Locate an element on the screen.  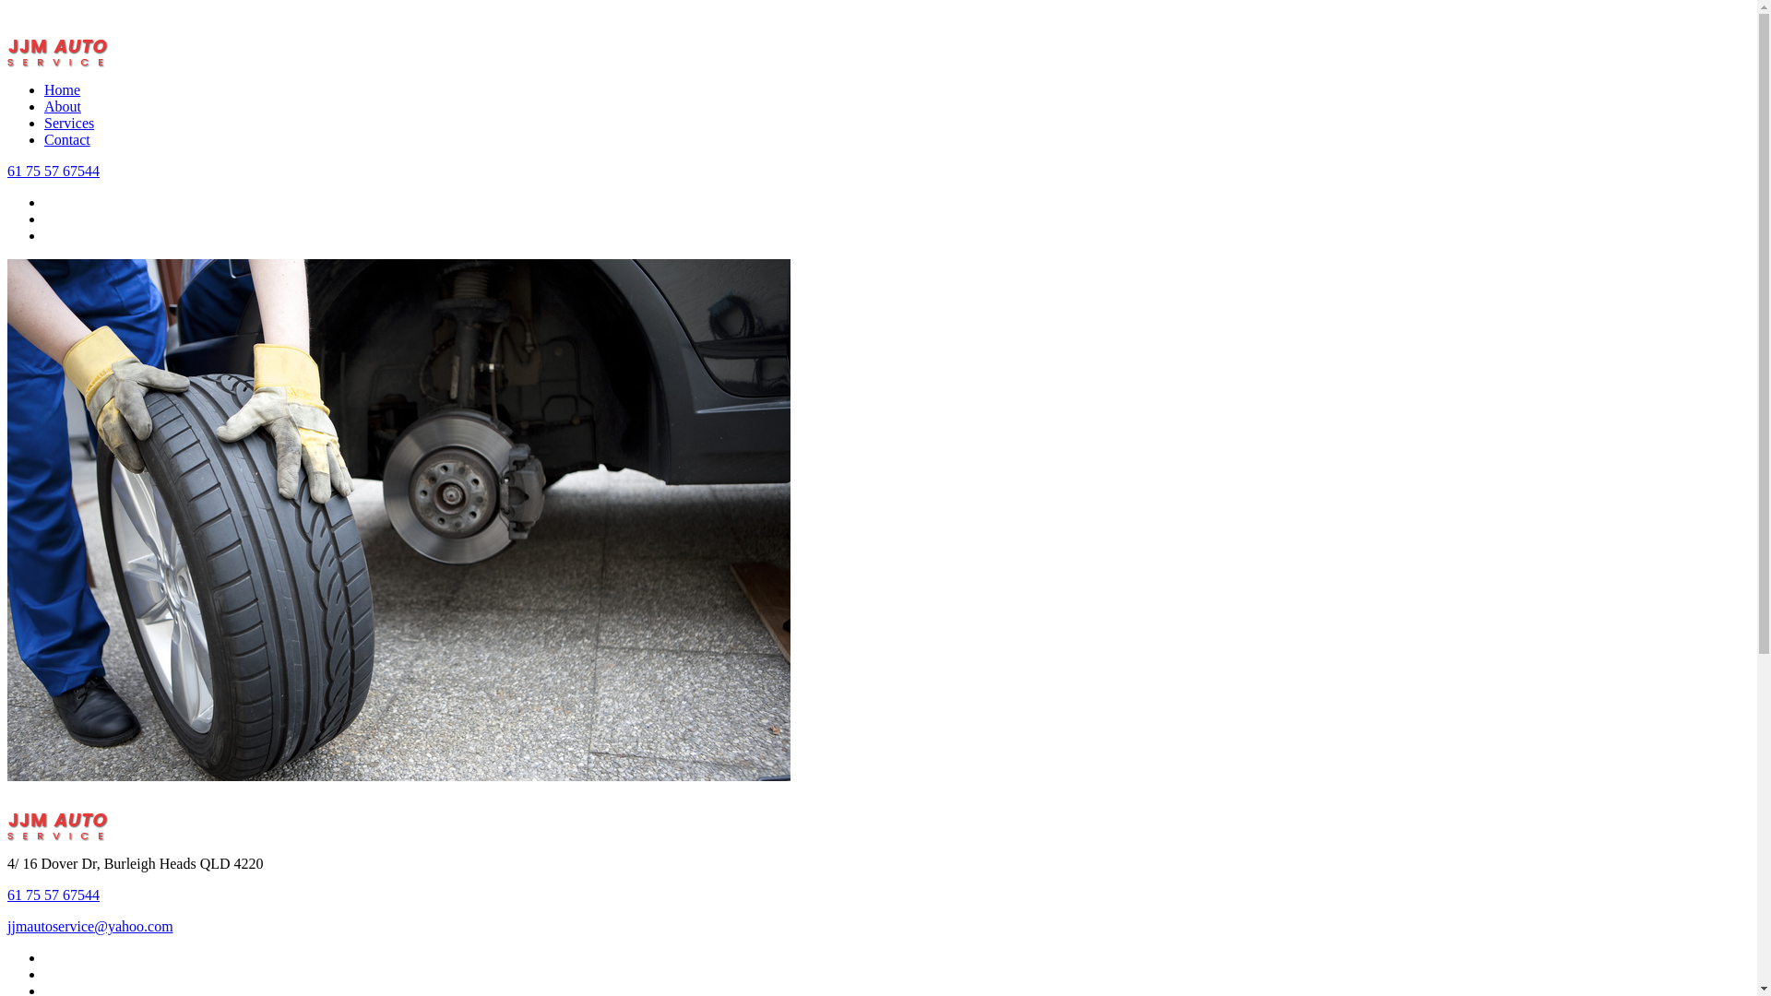
'Contact' is located at coordinates (66, 138).